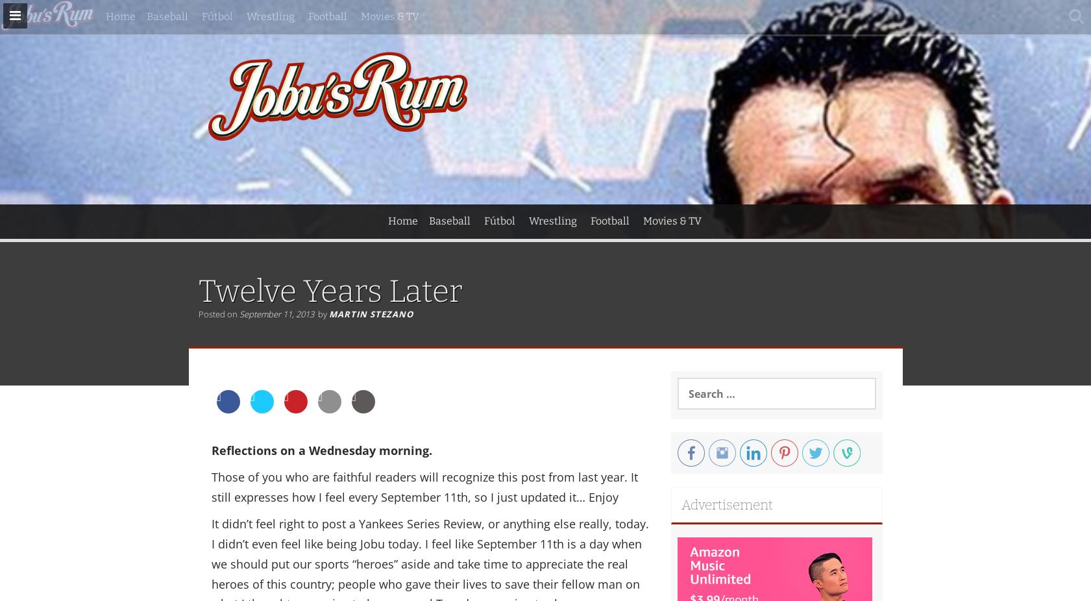 This screenshot has width=1091, height=601. I want to click on 'Twelve Years Later', so click(329, 290).